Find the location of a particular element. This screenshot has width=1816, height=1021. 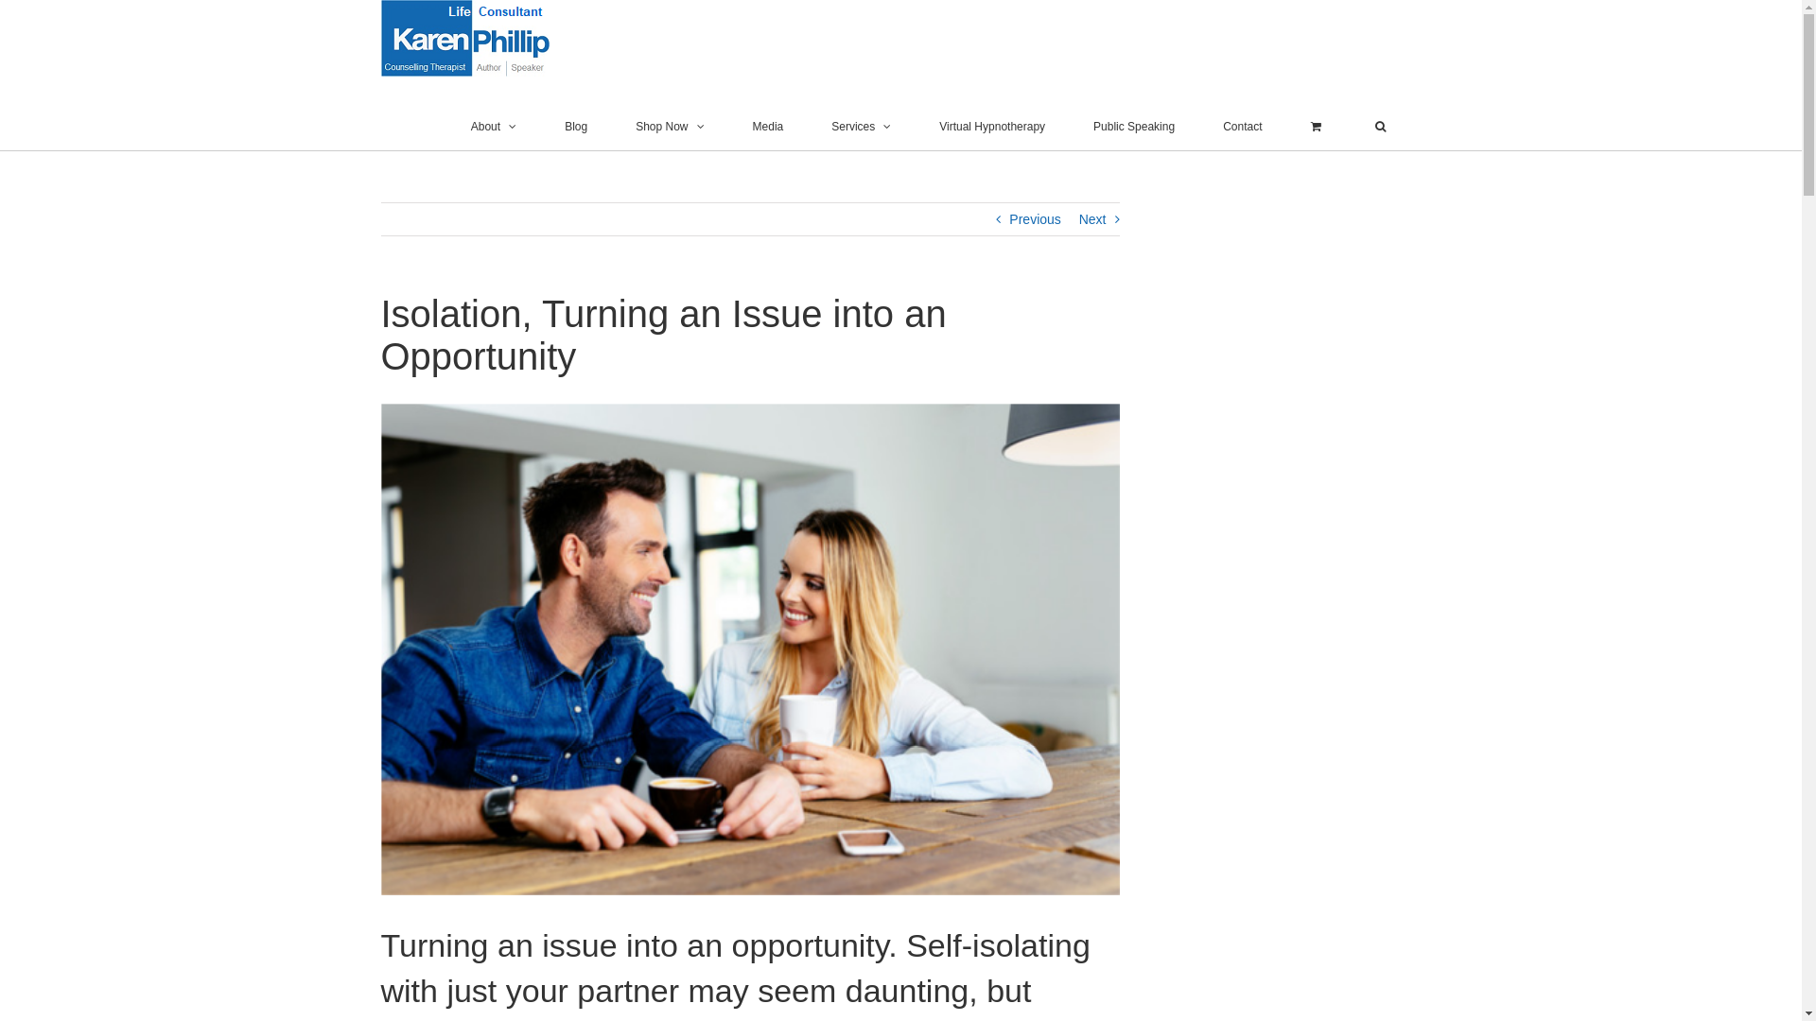

'About' is located at coordinates (494, 127).